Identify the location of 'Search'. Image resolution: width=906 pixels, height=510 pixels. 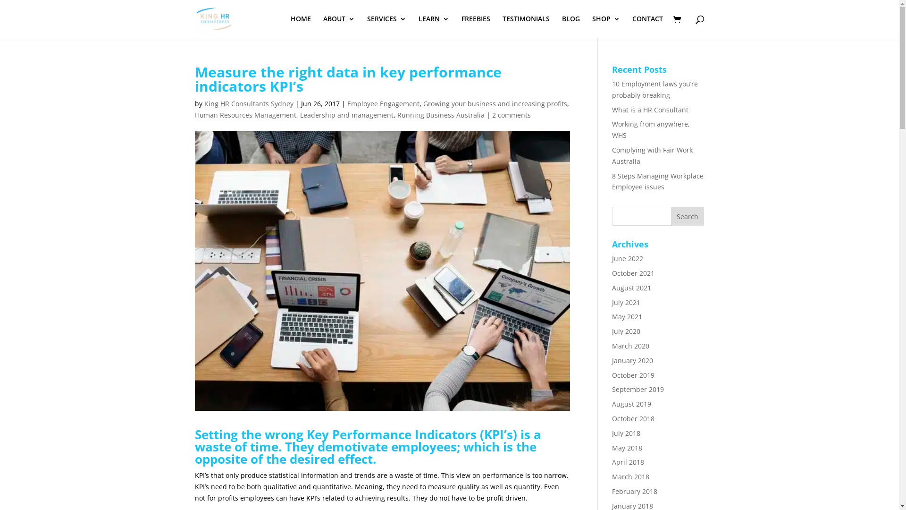
(670, 216).